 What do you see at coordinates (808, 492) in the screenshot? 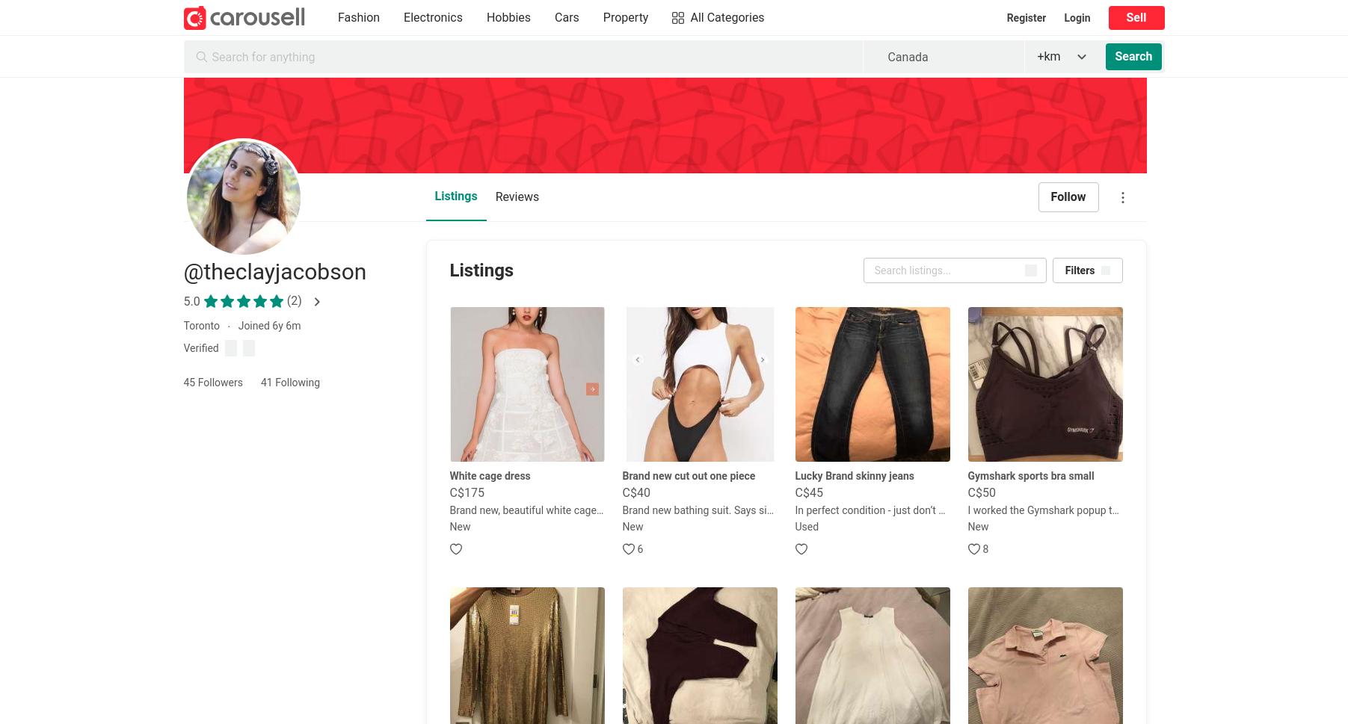
I see `'C$45'` at bounding box center [808, 492].